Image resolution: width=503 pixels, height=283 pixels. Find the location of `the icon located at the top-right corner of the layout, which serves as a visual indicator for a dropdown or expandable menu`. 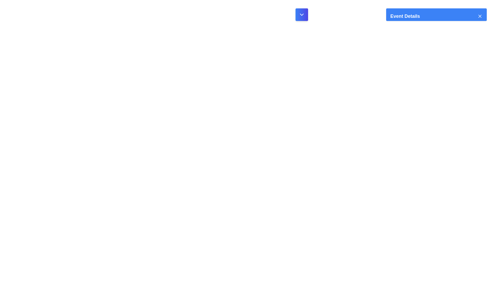

the icon located at the top-right corner of the layout, which serves as a visual indicator for a dropdown or expandable menu is located at coordinates (302, 14).